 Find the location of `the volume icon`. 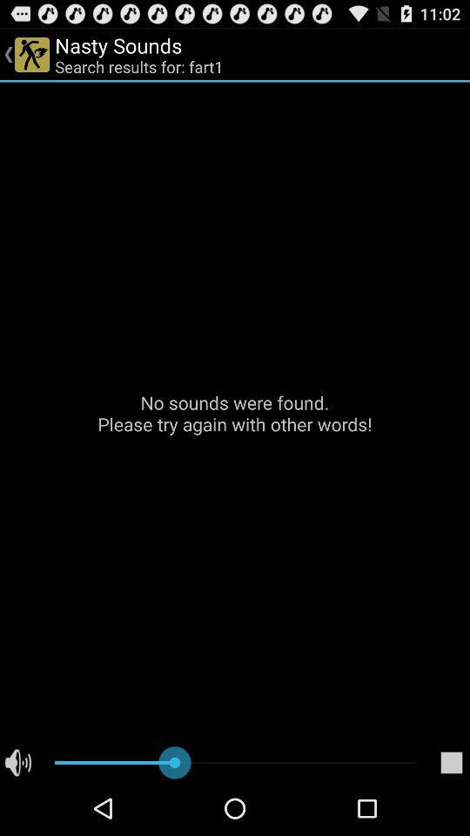

the volume icon is located at coordinates (17, 816).